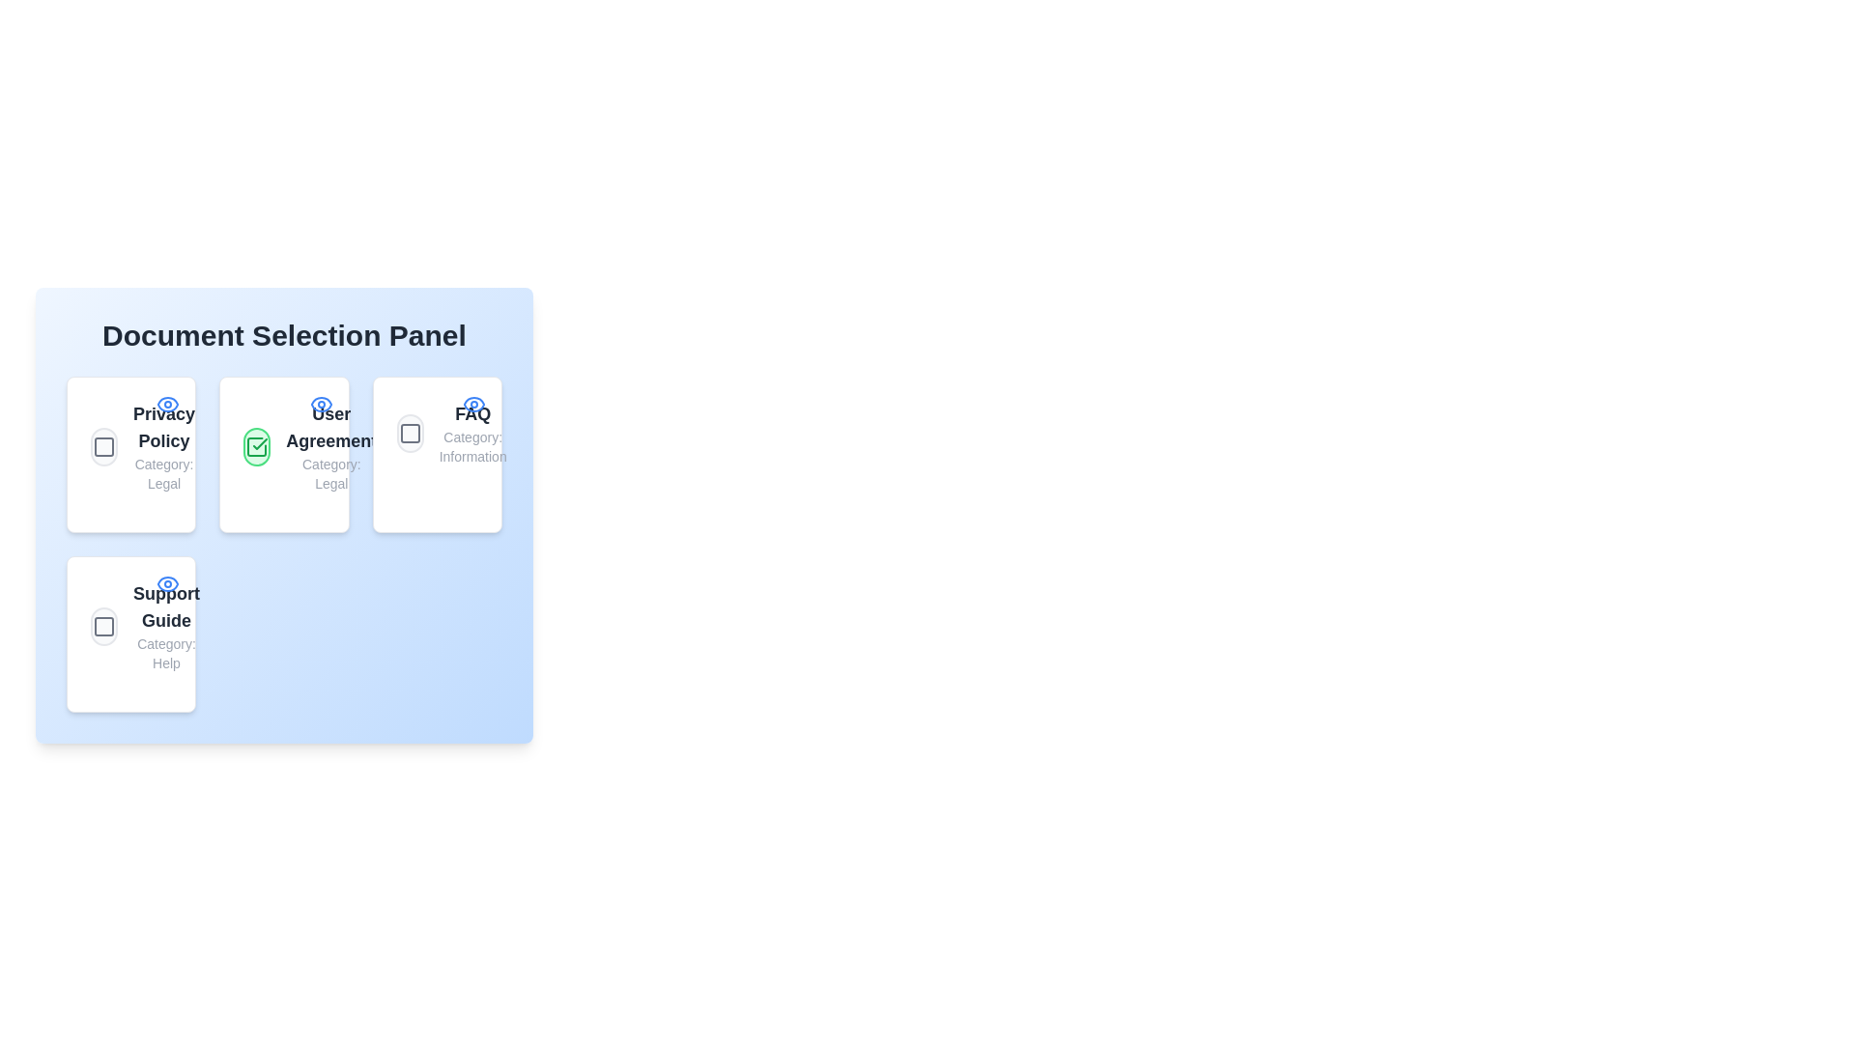 The height and width of the screenshot is (1043, 1855). I want to click on the 'Eye' icon of the Privacy Policy document to view its details, so click(167, 404).